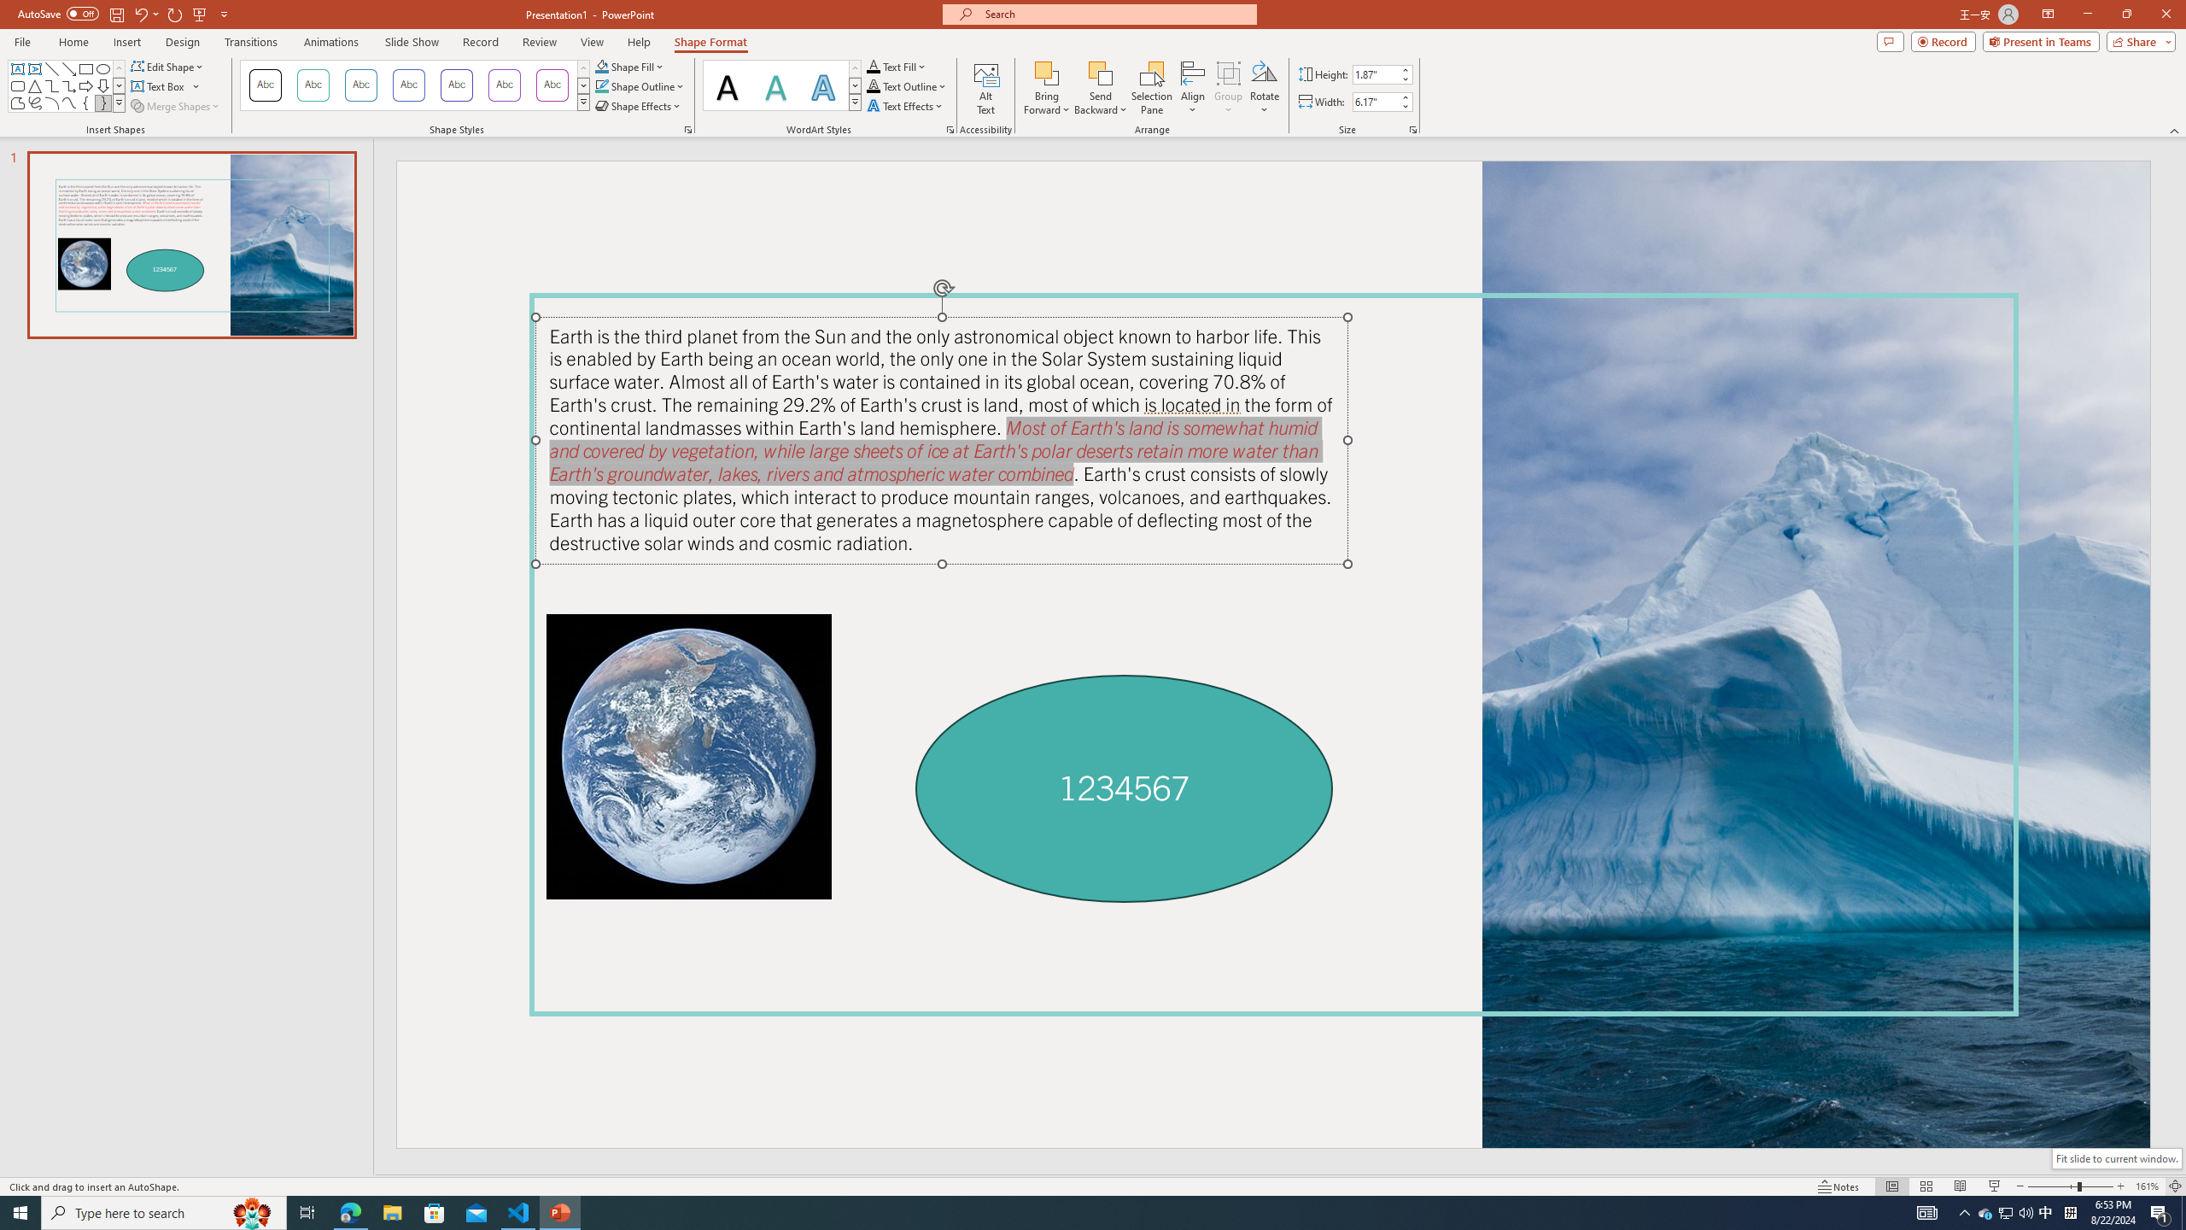  I want to click on 'Left Brace', so click(86, 102).